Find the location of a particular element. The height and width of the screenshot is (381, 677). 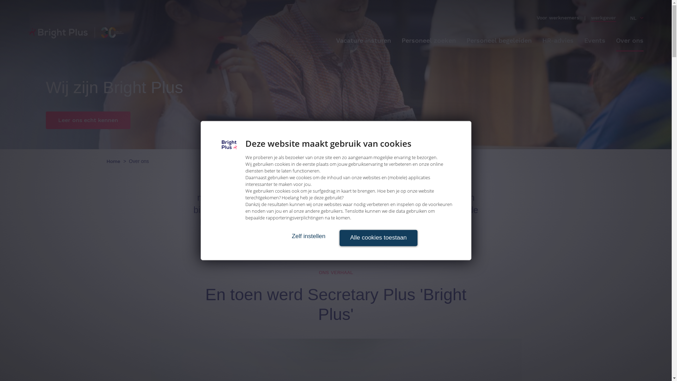

'Home' is located at coordinates (106, 161).